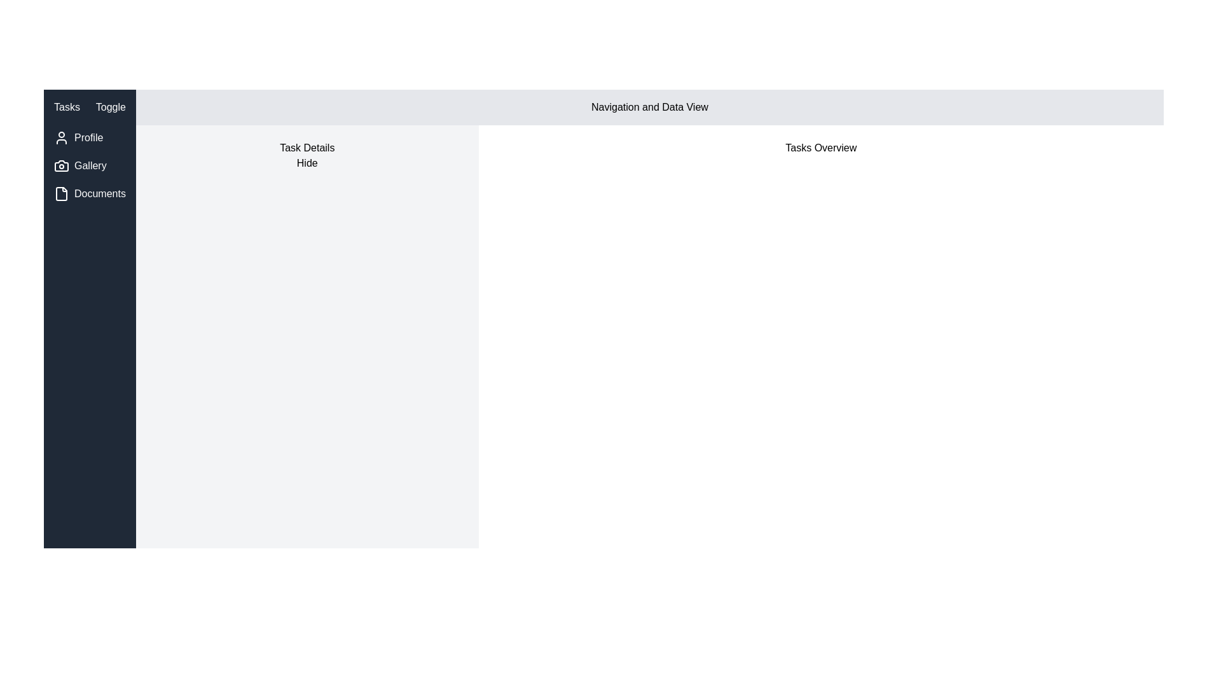 The image size is (1221, 687). Describe the element at coordinates (307, 163) in the screenshot. I see `the button that collapses the 'Task Details' section, located in the top-left quadrant of the main content area, immediately to the right below the 'Task Details' text` at that location.